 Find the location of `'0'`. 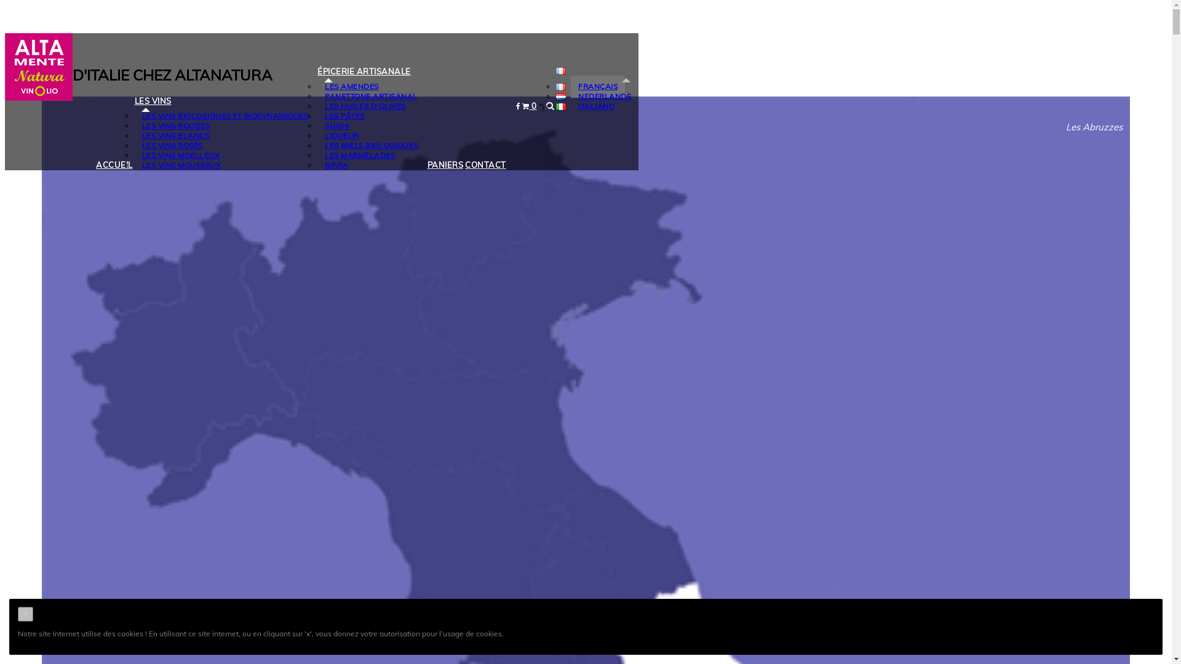

'0' is located at coordinates (522, 105).